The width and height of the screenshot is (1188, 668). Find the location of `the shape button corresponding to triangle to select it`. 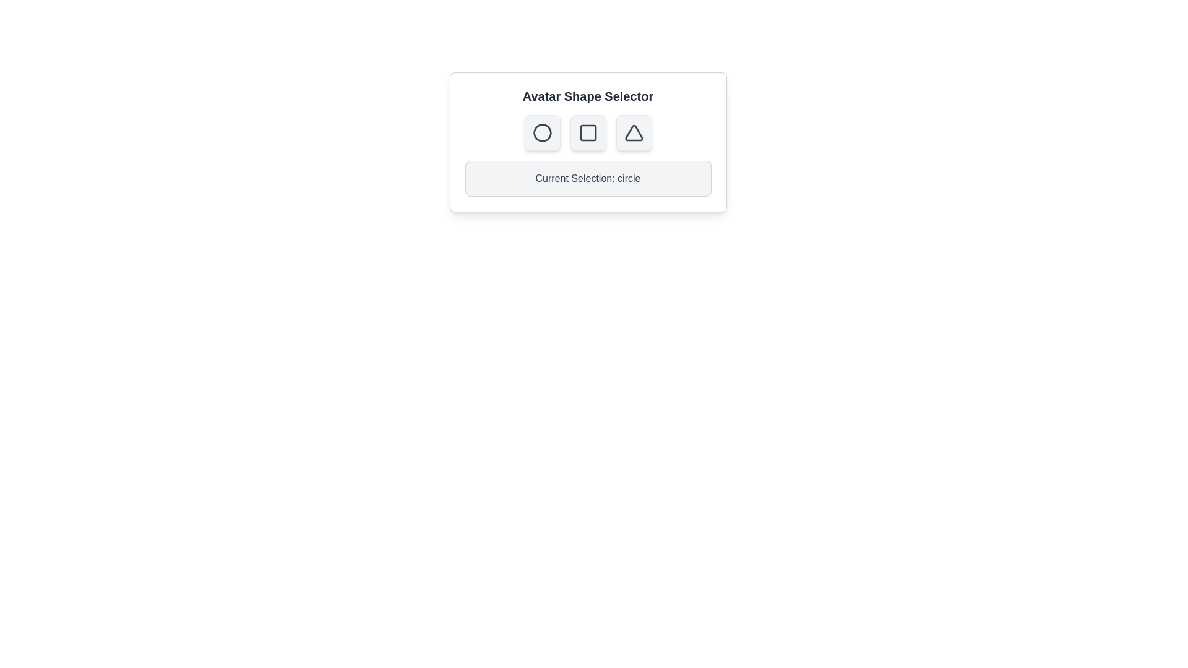

the shape button corresponding to triangle to select it is located at coordinates (634, 133).